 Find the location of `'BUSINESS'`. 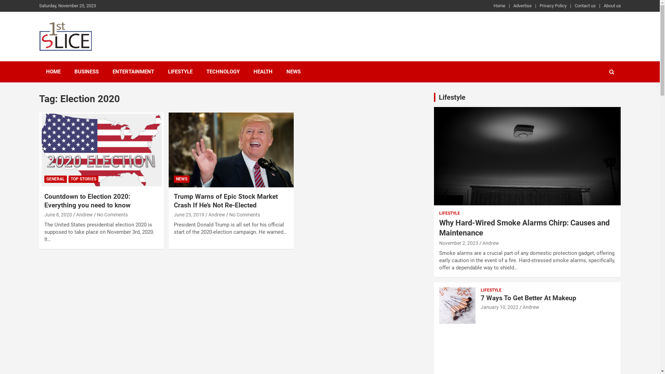

'BUSINESS' is located at coordinates (86, 72).